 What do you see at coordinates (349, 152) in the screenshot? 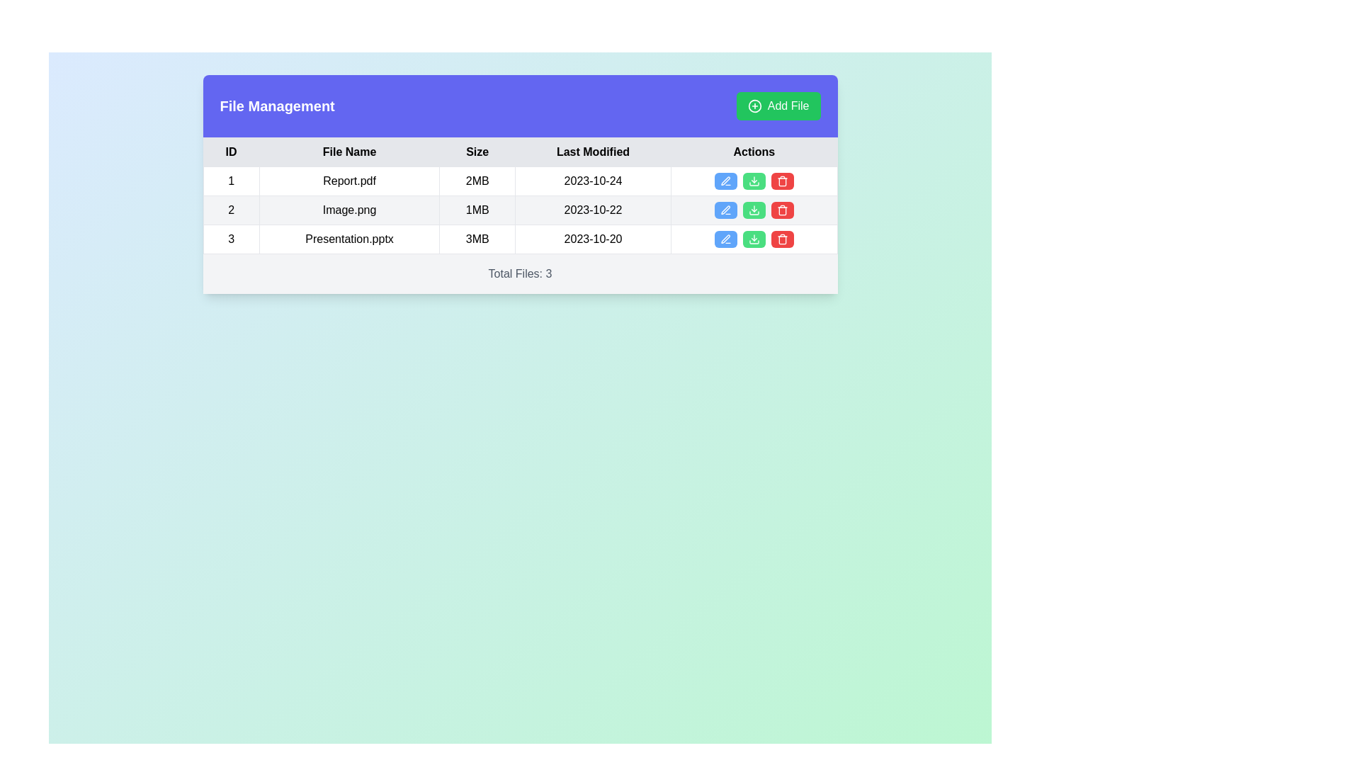
I see `the text label that serves as the second header in the table, indicating that the column beneath it contains file names, positioned between the 'ID' and 'Size' headers` at bounding box center [349, 152].